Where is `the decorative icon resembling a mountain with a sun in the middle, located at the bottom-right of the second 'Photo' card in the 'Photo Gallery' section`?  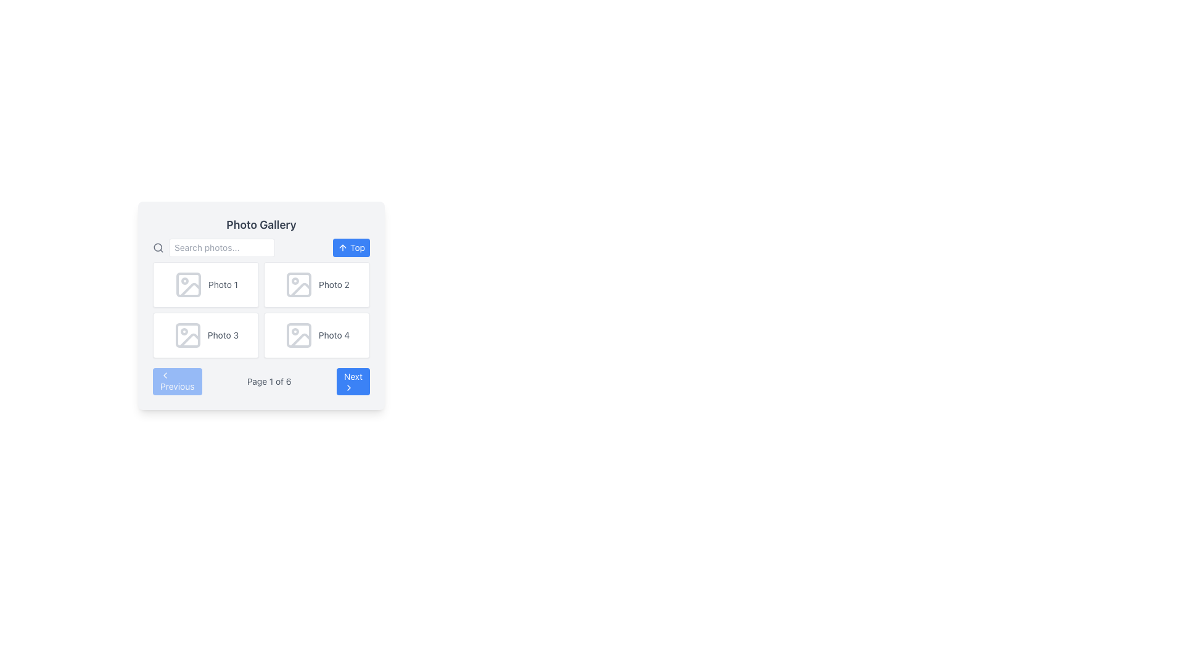 the decorative icon resembling a mountain with a sun in the middle, located at the bottom-right of the second 'Photo' card in the 'Photo Gallery' section is located at coordinates (301, 290).